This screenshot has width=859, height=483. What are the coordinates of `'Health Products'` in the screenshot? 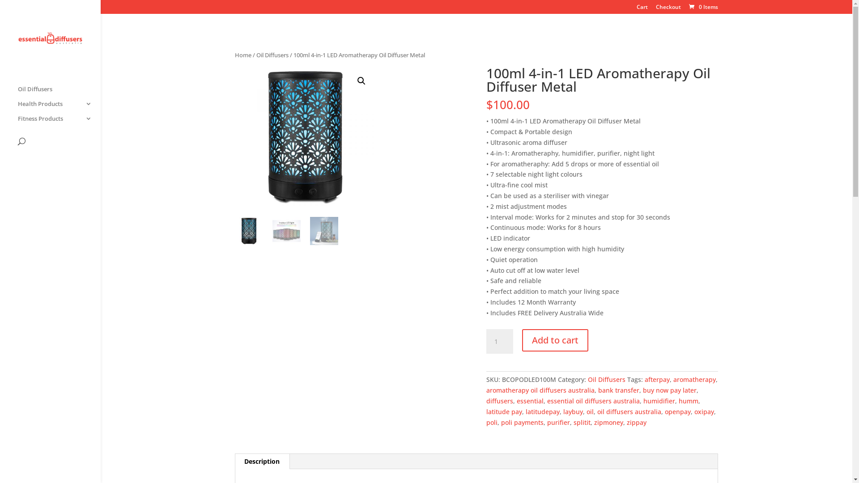 It's located at (17, 107).